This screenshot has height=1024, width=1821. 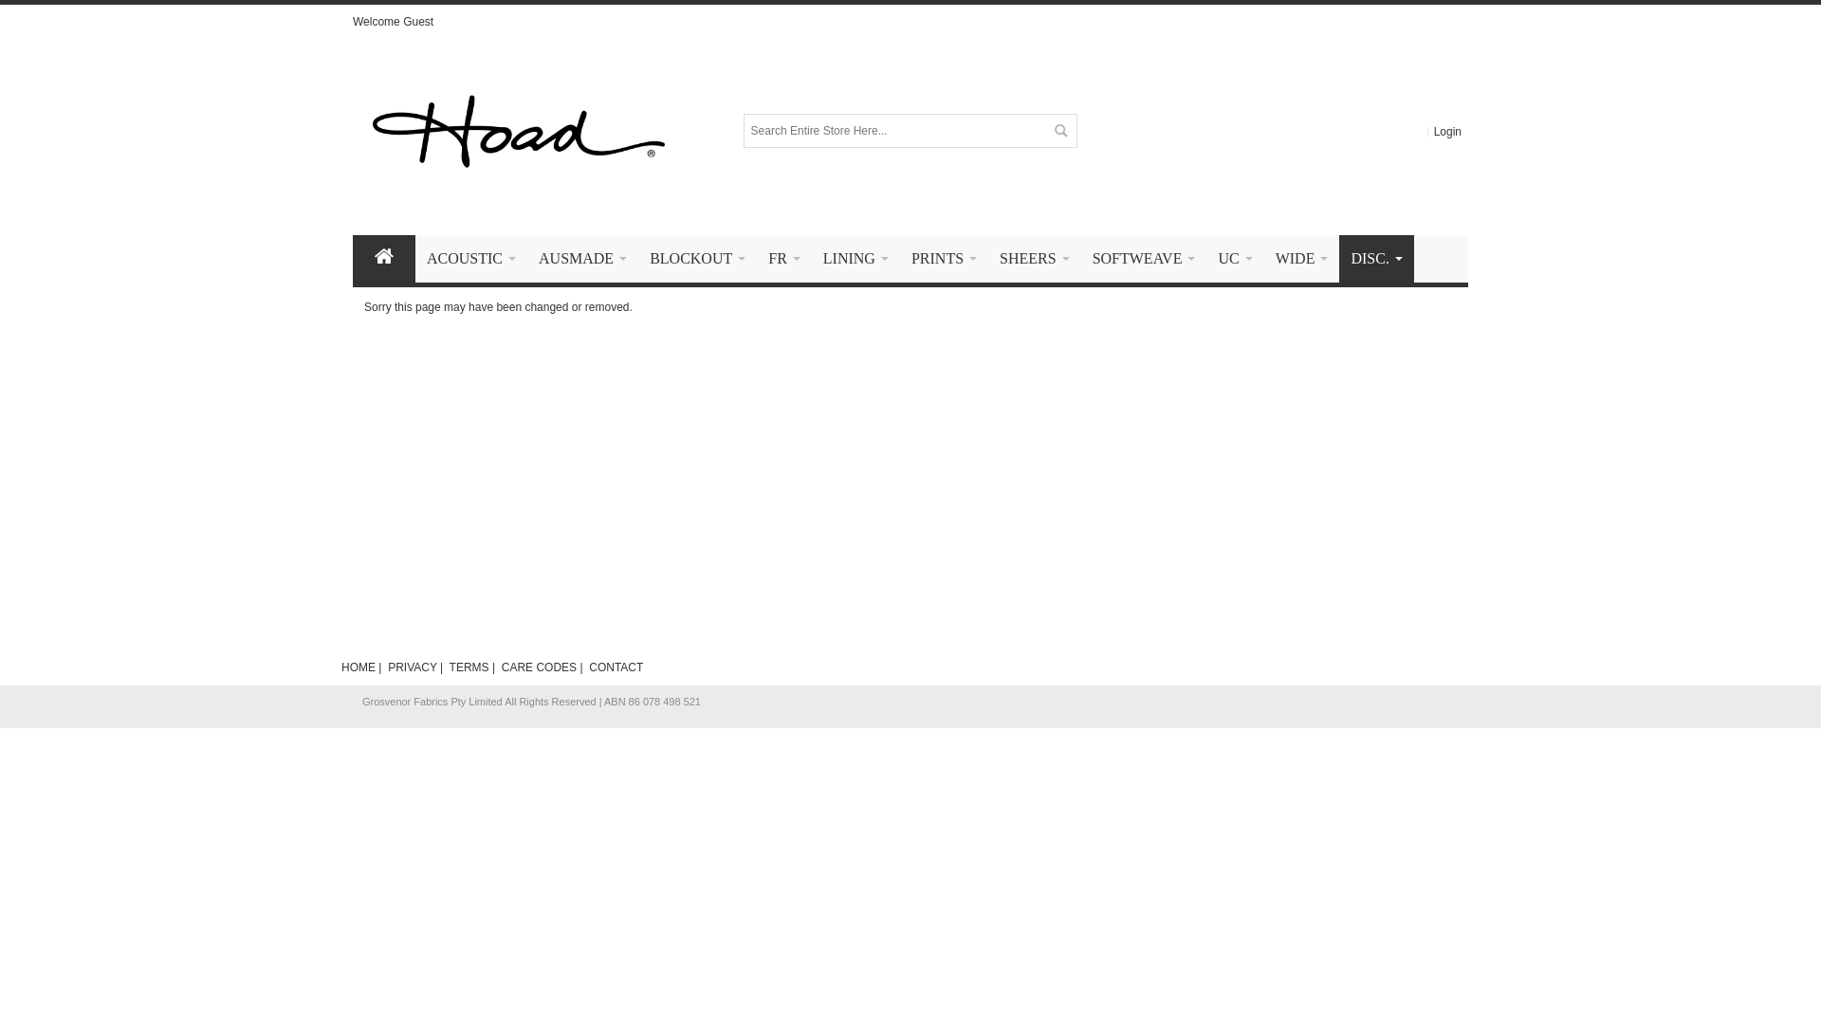 I want to click on 'WIDE  ', so click(x=1300, y=259).